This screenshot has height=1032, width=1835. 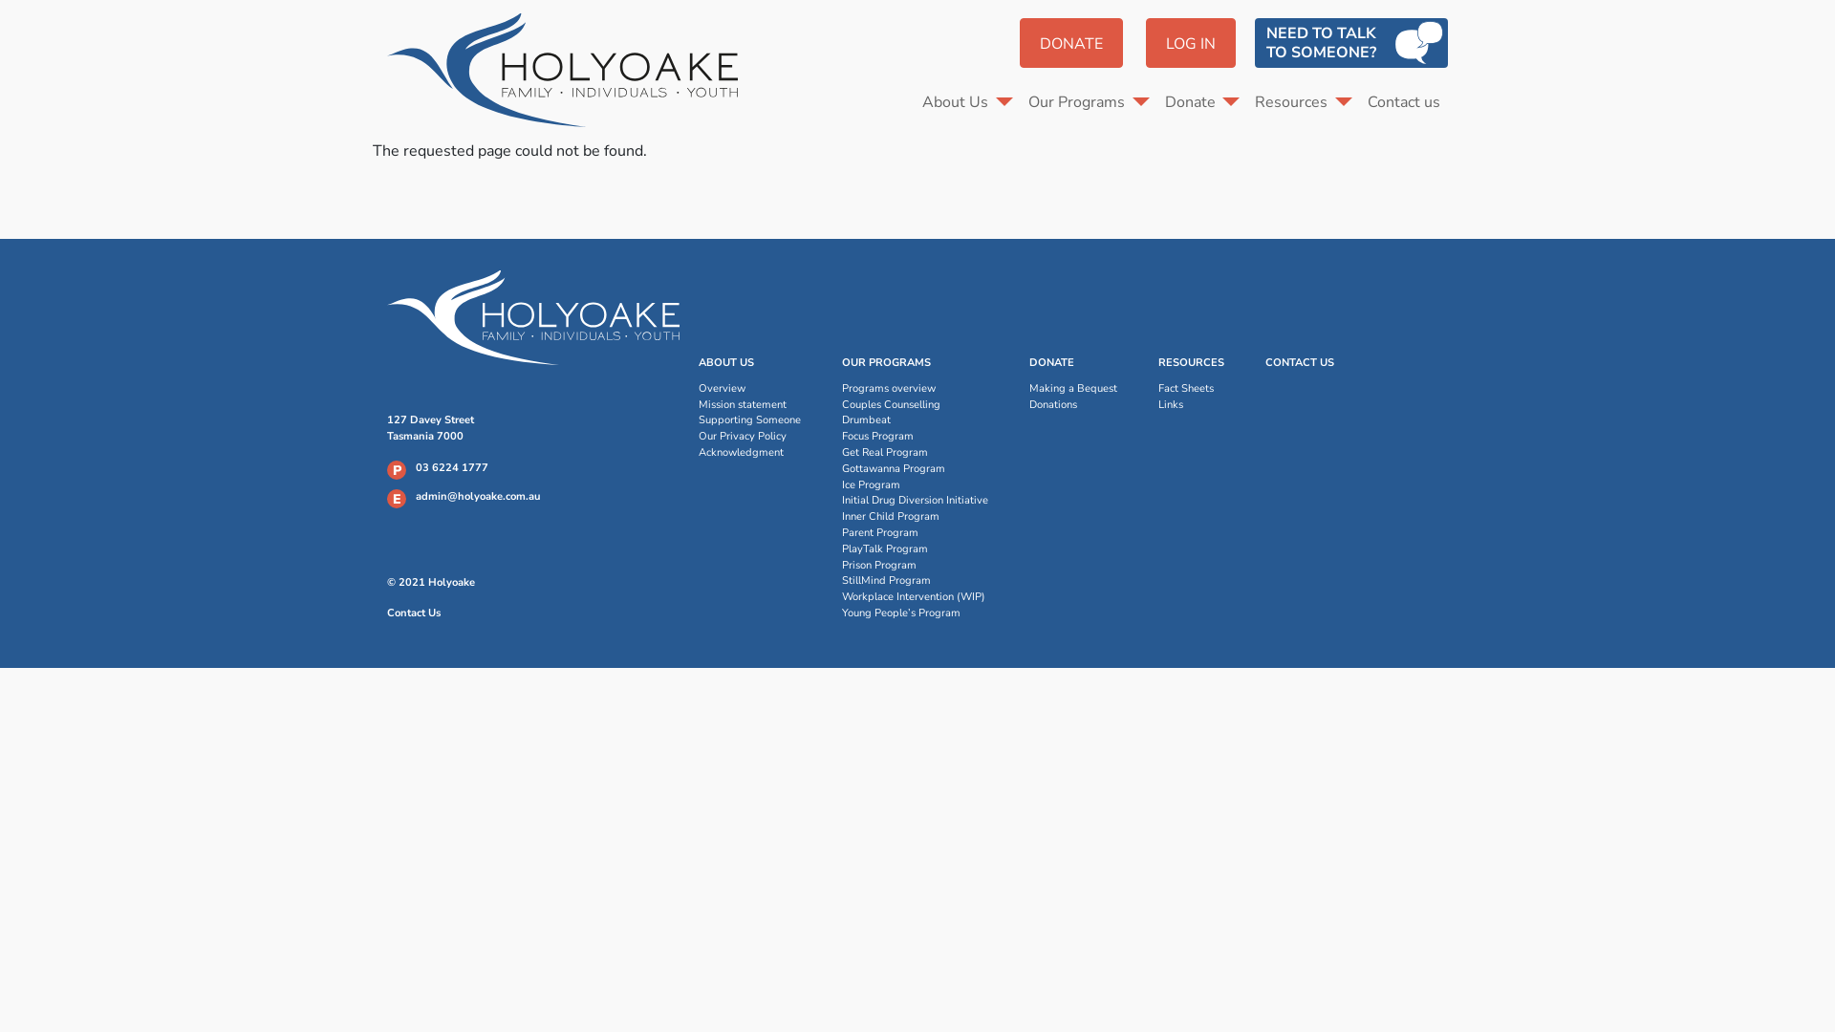 What do you see at coordinates (1089, 102) in the screenshot?
I see `'Our Programs'` at bounding box center [1089, 102].